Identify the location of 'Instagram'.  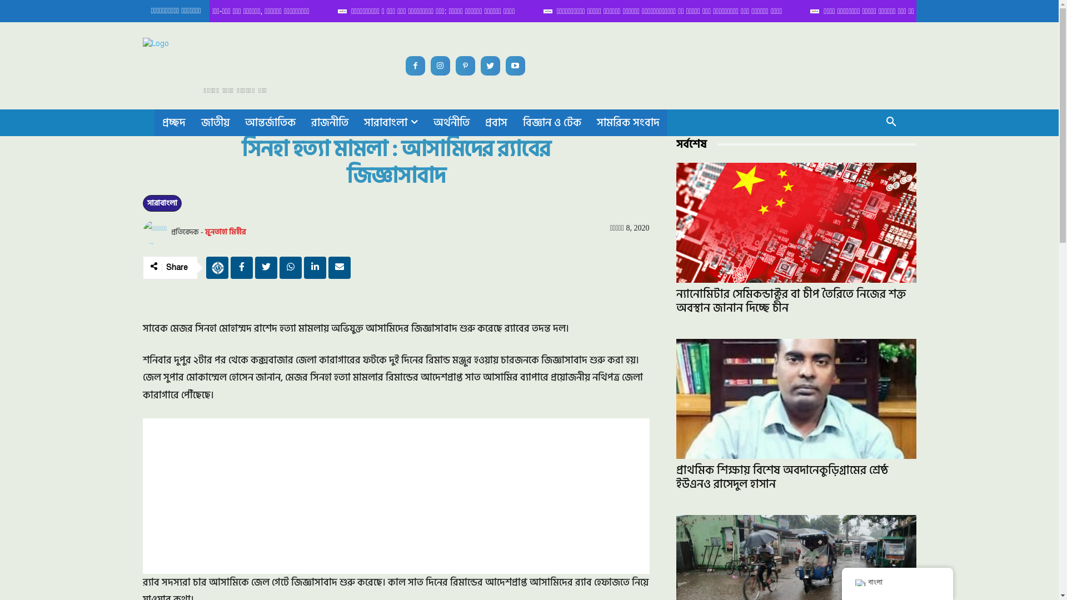
(440, 66).